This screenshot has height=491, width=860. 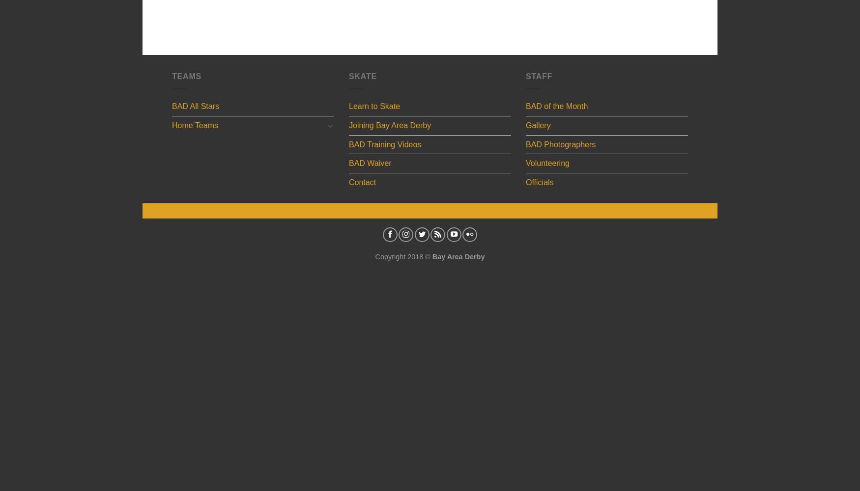 I want to click on 'Contact', so click(x=362, y=181).